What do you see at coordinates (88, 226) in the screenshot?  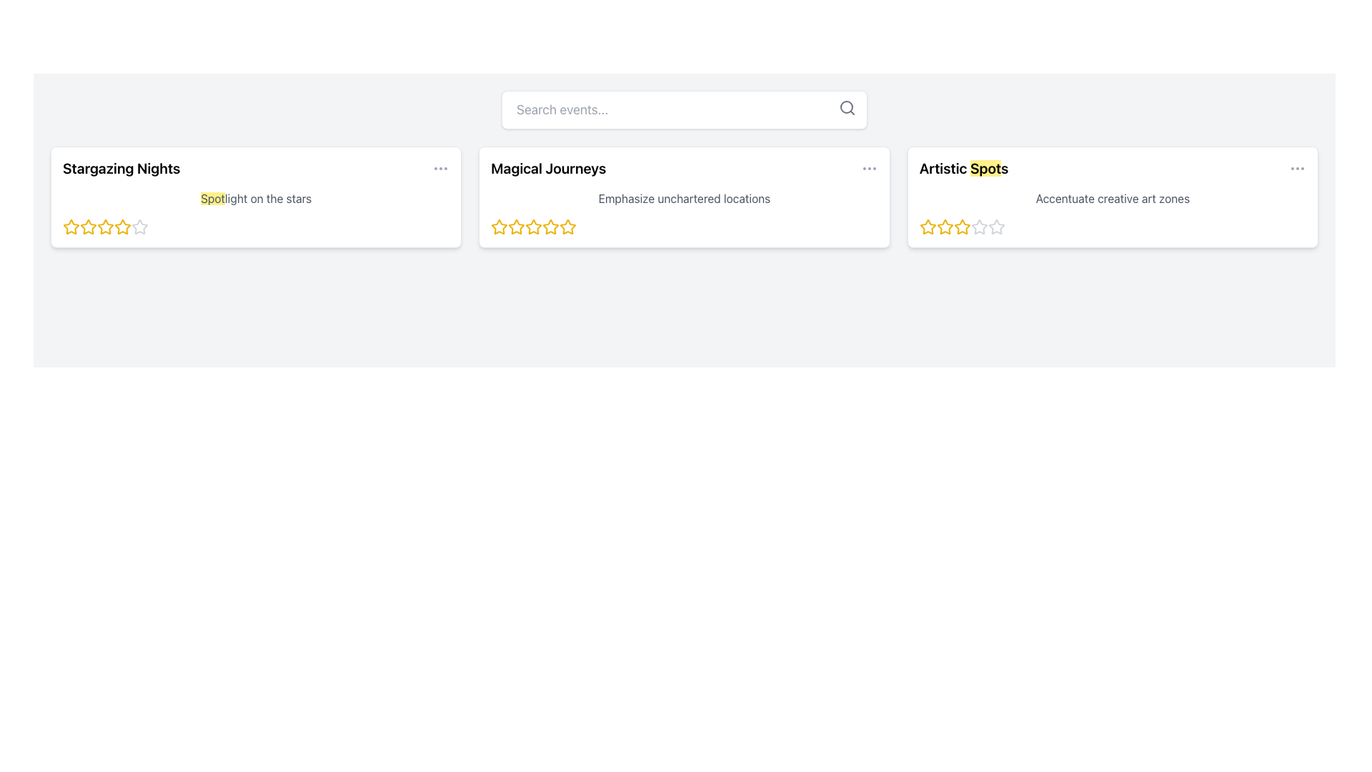 I see `the third star icon in the 5-star rating system for the 'Stargazing Nights' card to set a rating` at bounding box center [88, 226].